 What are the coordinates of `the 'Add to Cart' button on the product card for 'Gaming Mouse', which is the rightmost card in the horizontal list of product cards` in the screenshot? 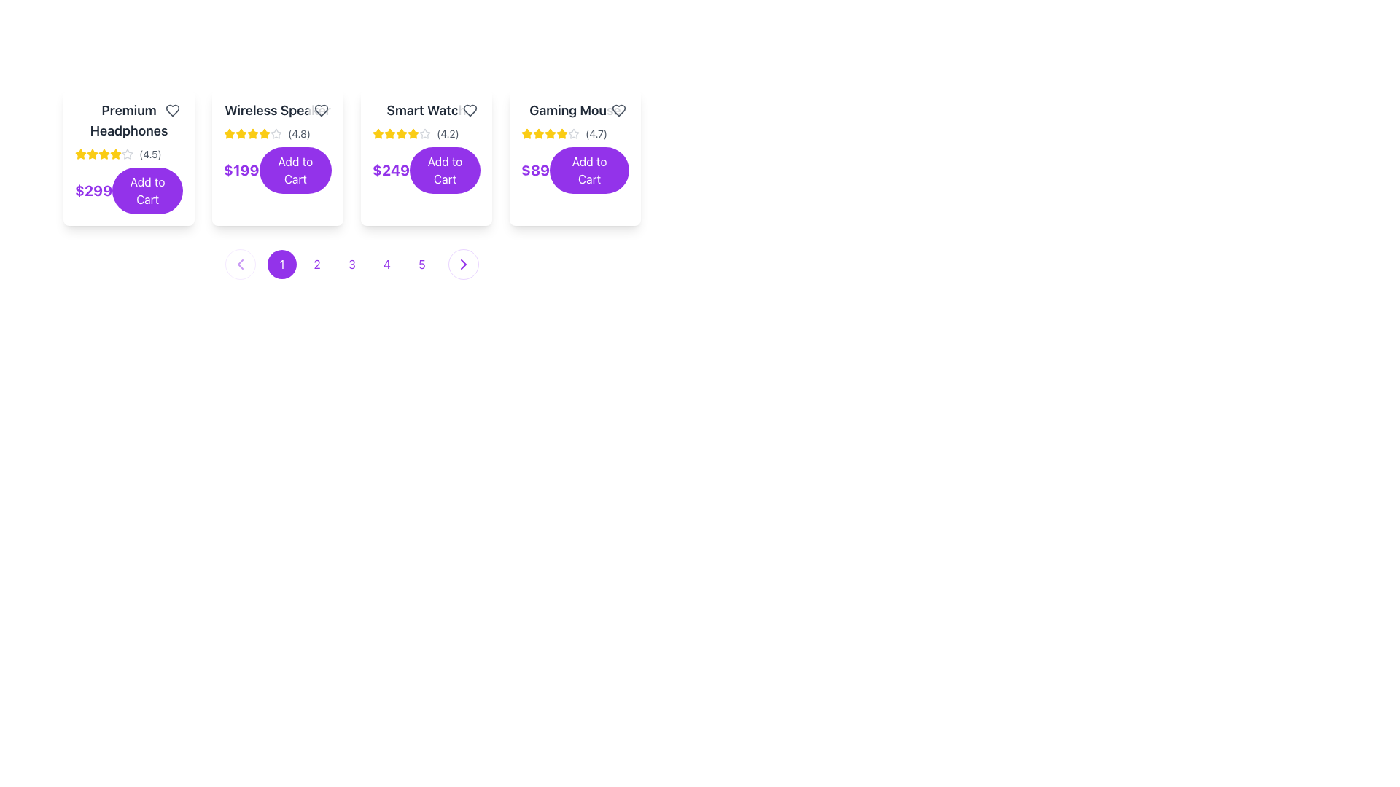 It's located at (574, 146).